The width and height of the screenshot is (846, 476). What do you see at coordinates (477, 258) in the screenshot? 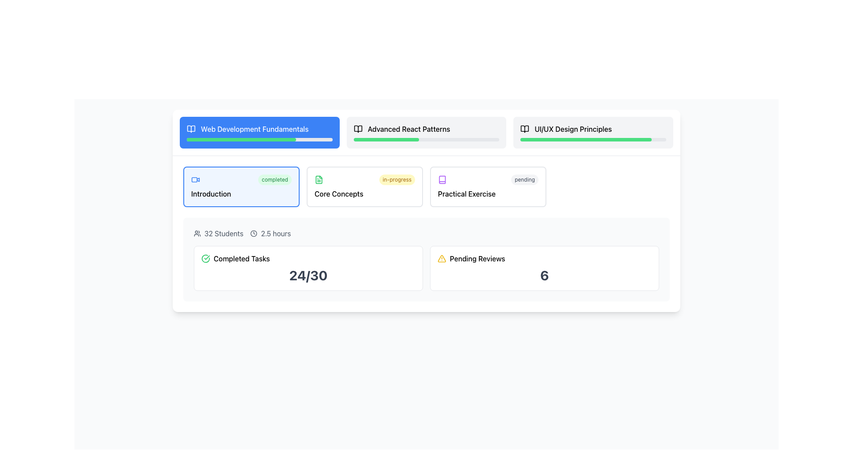
I see `the status label indicating pending reviews, located in the bottom right section of the interface, next to a yellow warning icon` at bounding box center [477, 258].